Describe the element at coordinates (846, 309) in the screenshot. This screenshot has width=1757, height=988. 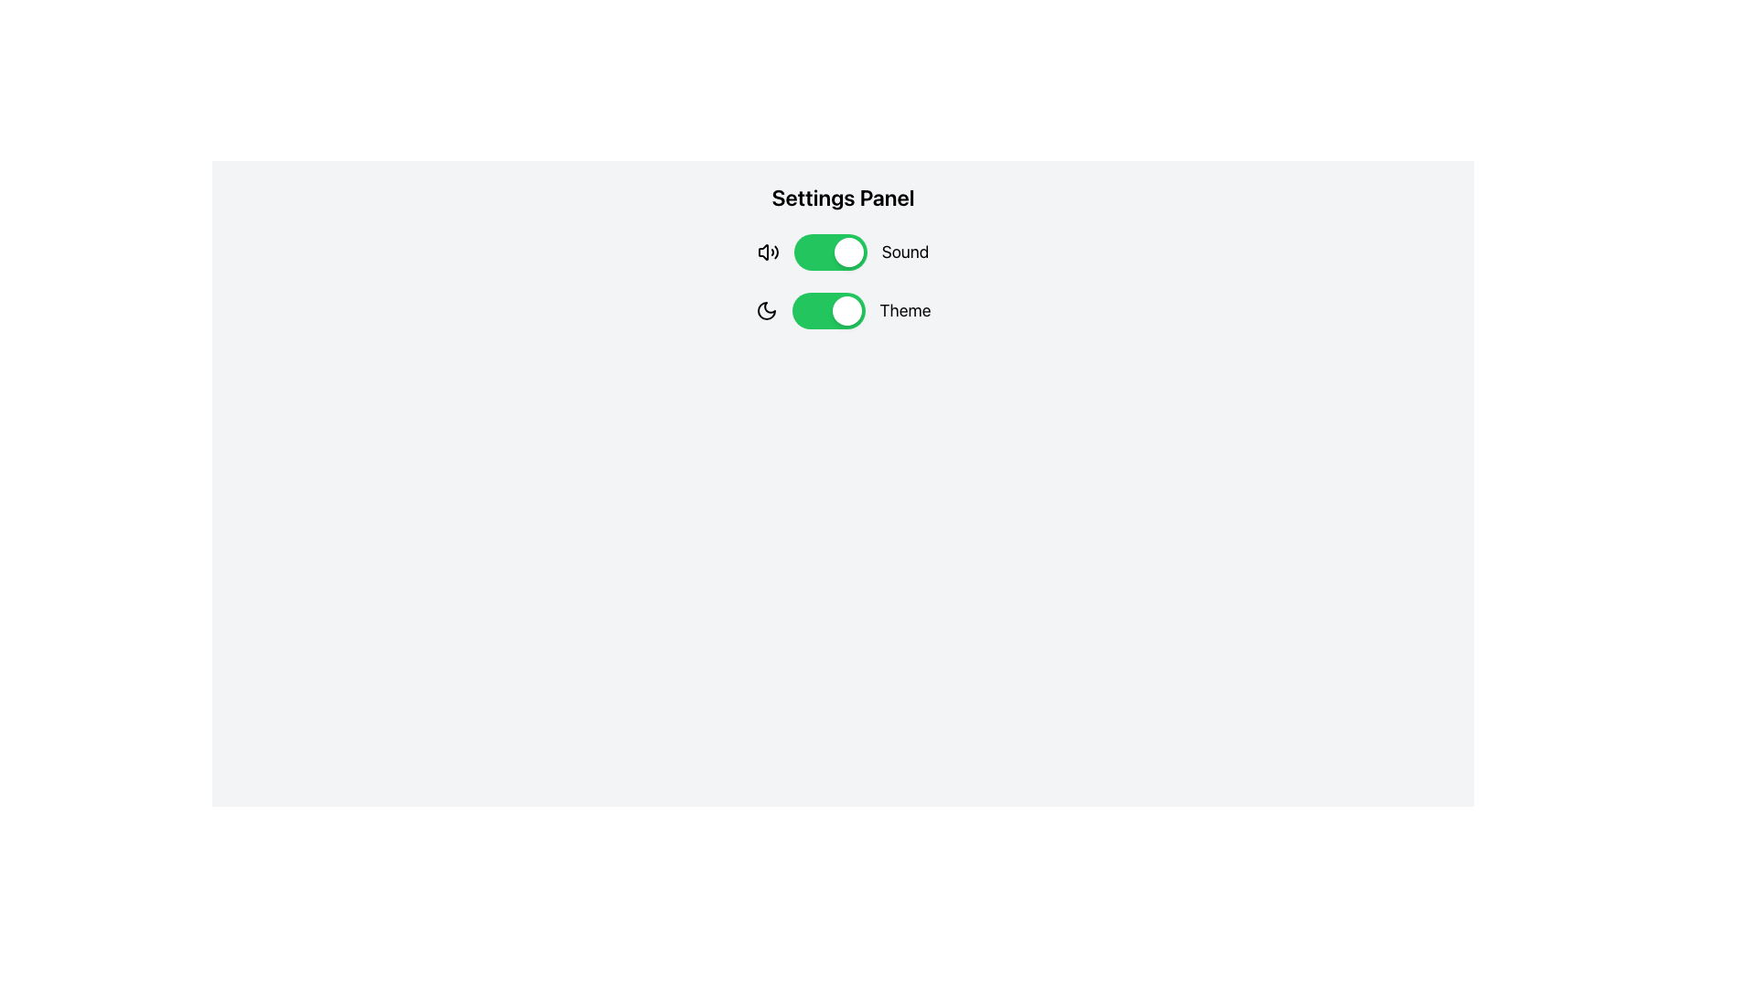
I see `the toggle thumb for the 'Theme' option, located on the right side of the horizontal toggle switch` at that location.